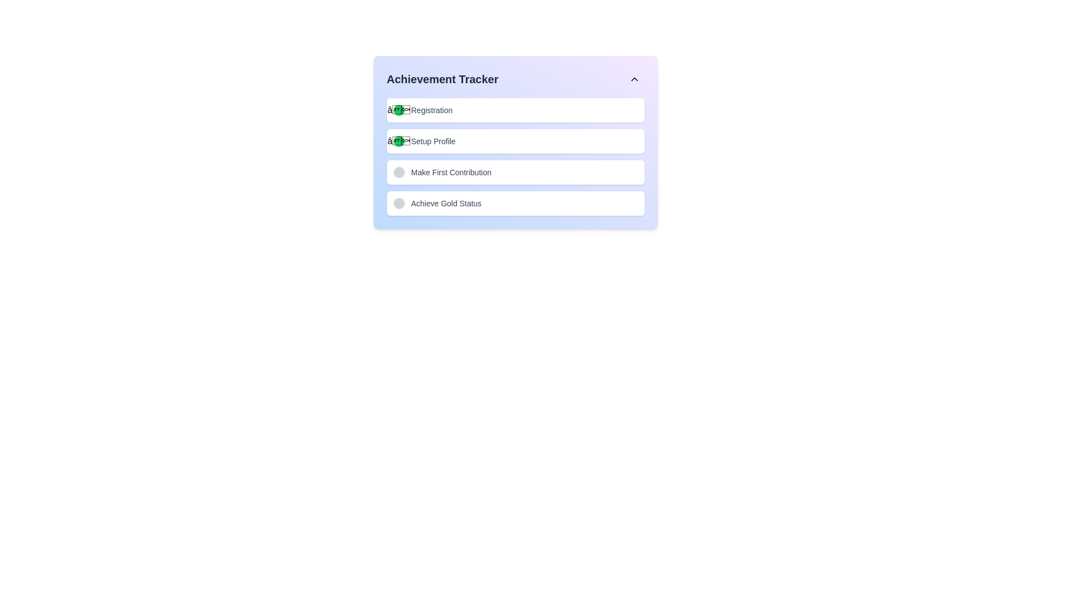 Image resolution: width=1066 pixels, height=599 pixels. What do you see at coordinates (399, 110) in the screenshot?
I see `the completion indicator icon located to the left of the 'Registration' label in the first row of the 'Achievement Tracker' panel` at bounding box center [399, 110].